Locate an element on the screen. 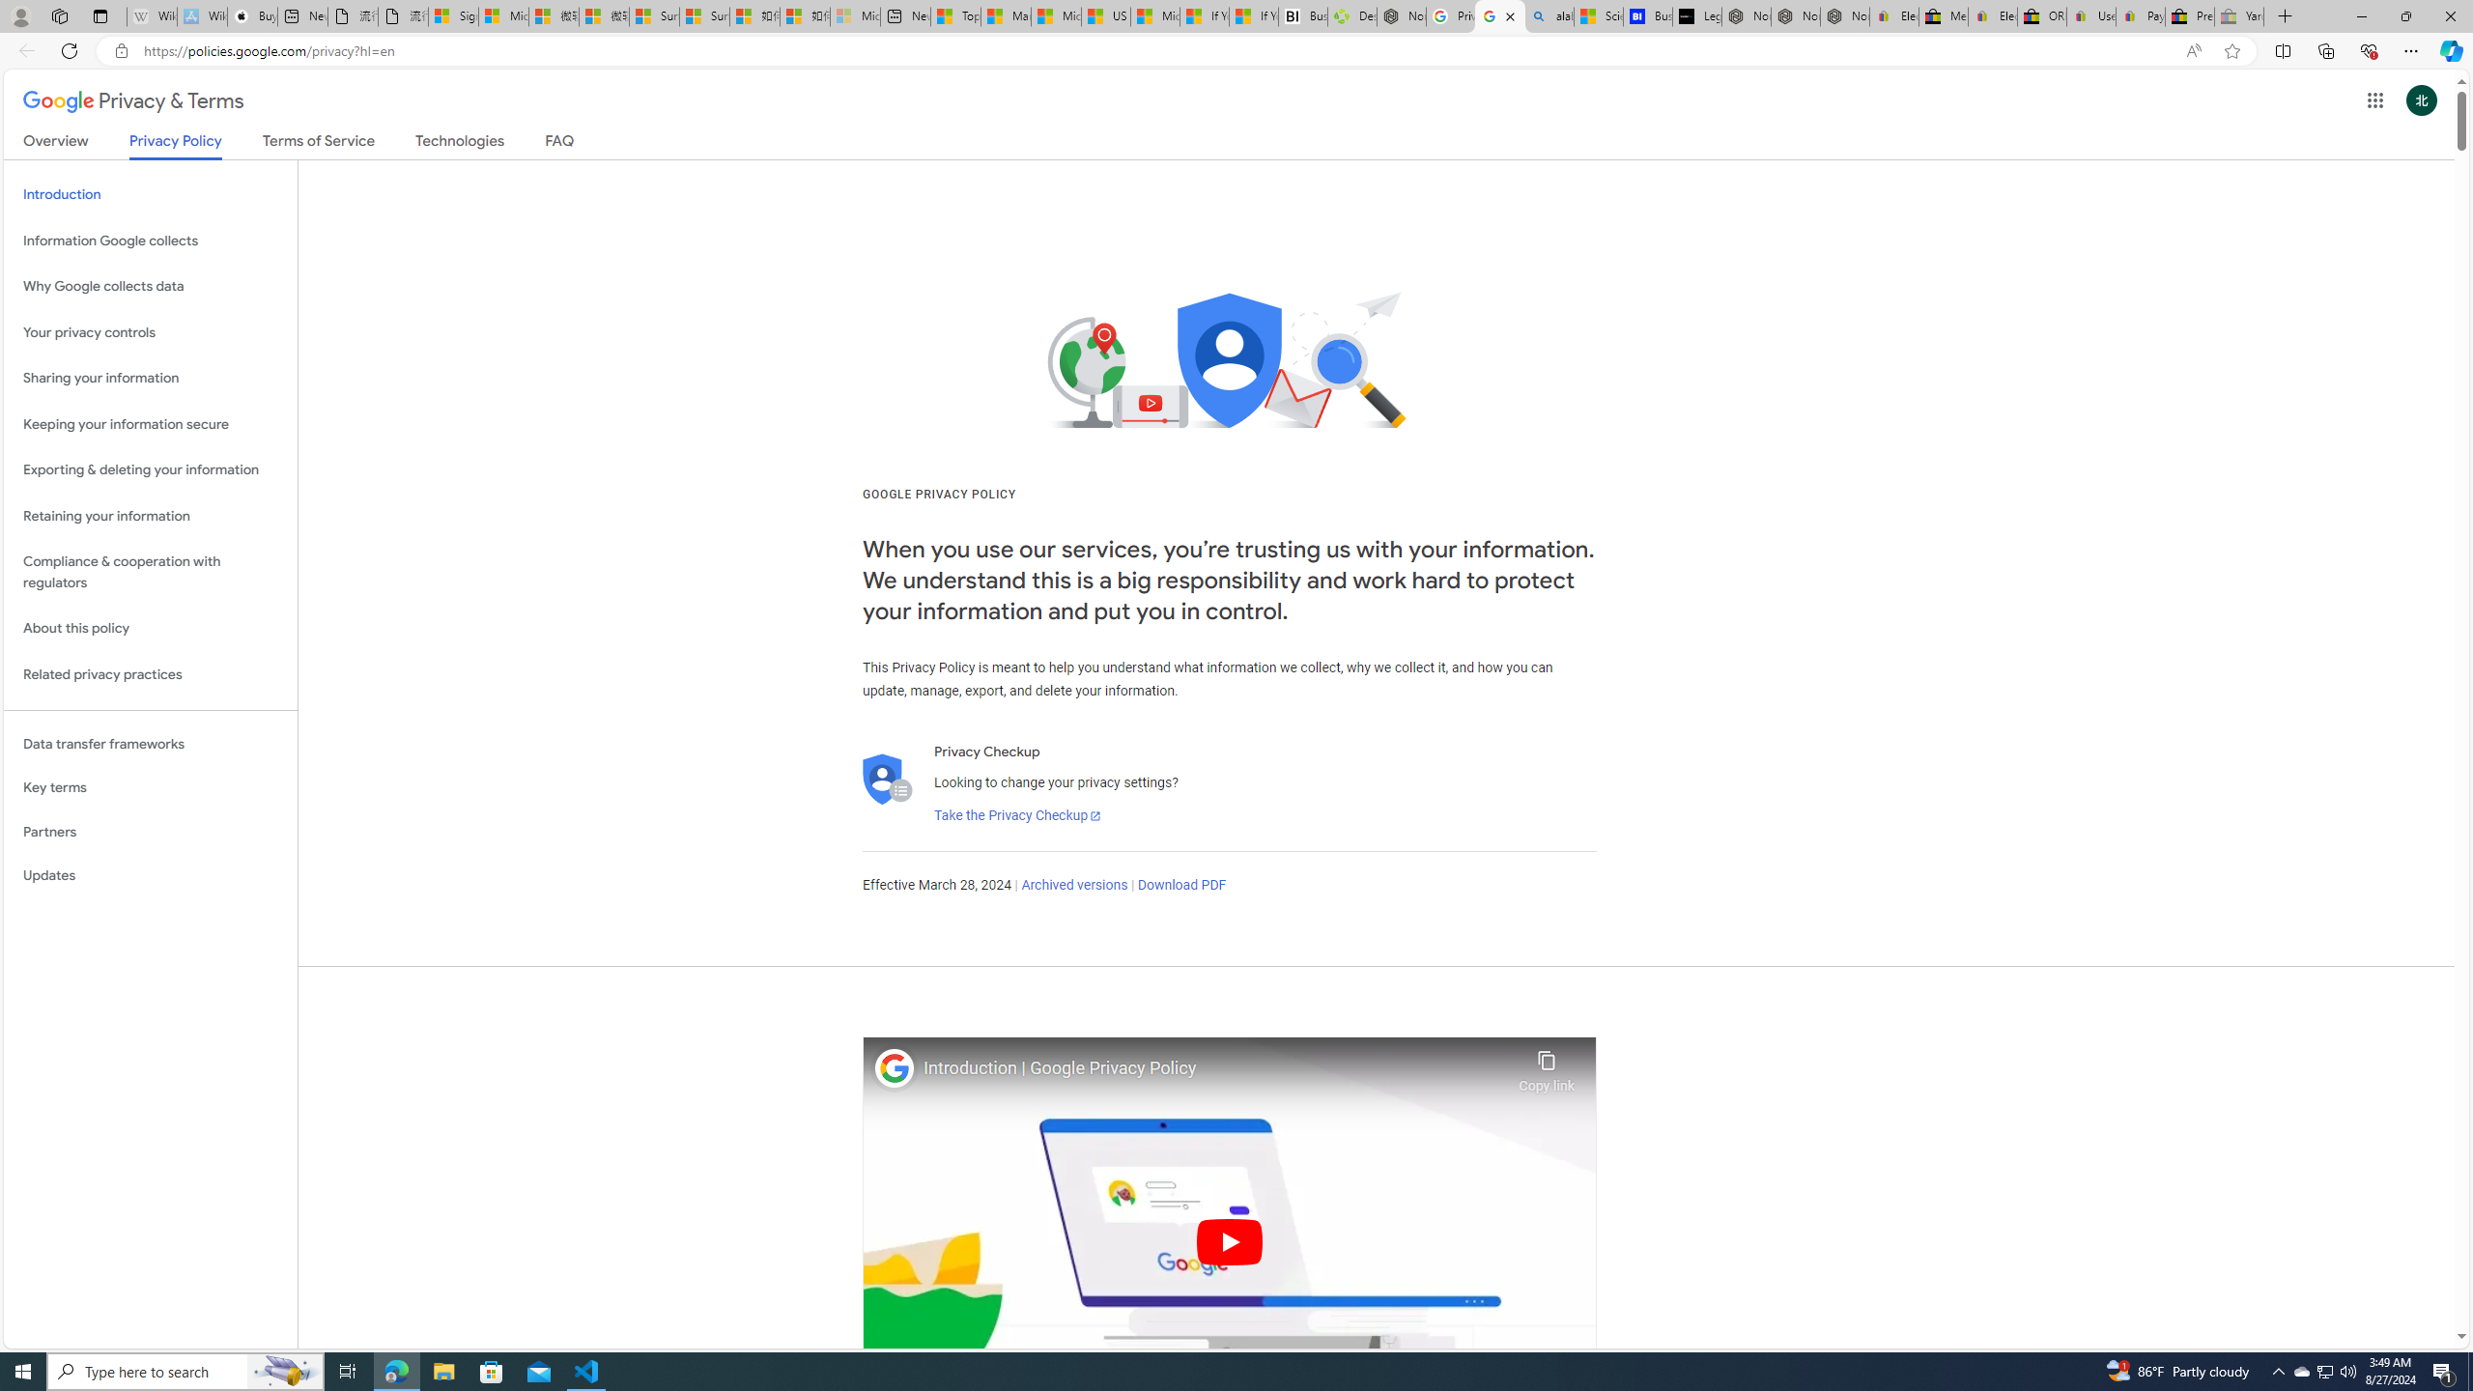 The width and height of the screenshot is (2473, 1391). 'alabama high school quarterback dies - Search' is located at coordinates (1548, 15).